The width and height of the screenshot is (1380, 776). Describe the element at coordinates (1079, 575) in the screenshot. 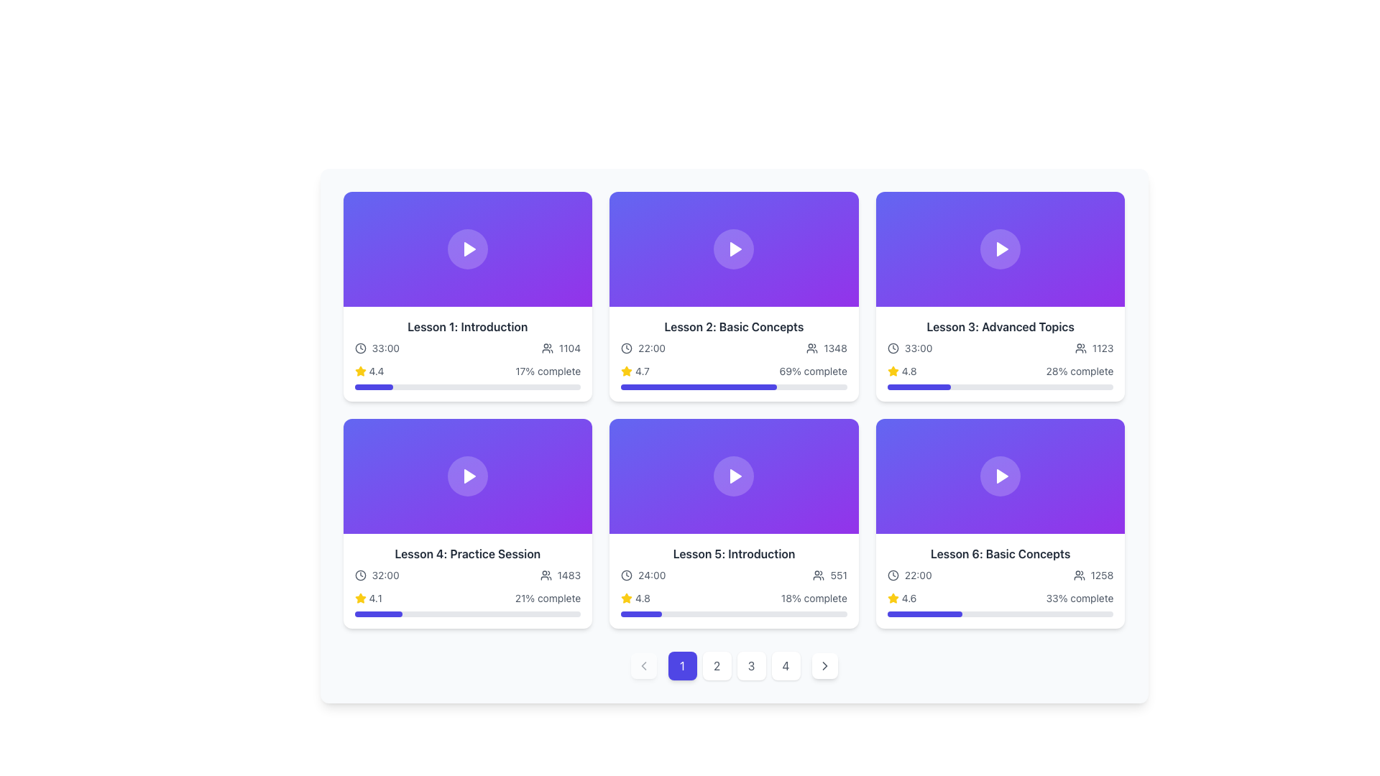

I see `the user/participant icon located in the sixth card of the rightmost column in the second row of the grid layout, positioned to the left of the text '1258'` at that location.